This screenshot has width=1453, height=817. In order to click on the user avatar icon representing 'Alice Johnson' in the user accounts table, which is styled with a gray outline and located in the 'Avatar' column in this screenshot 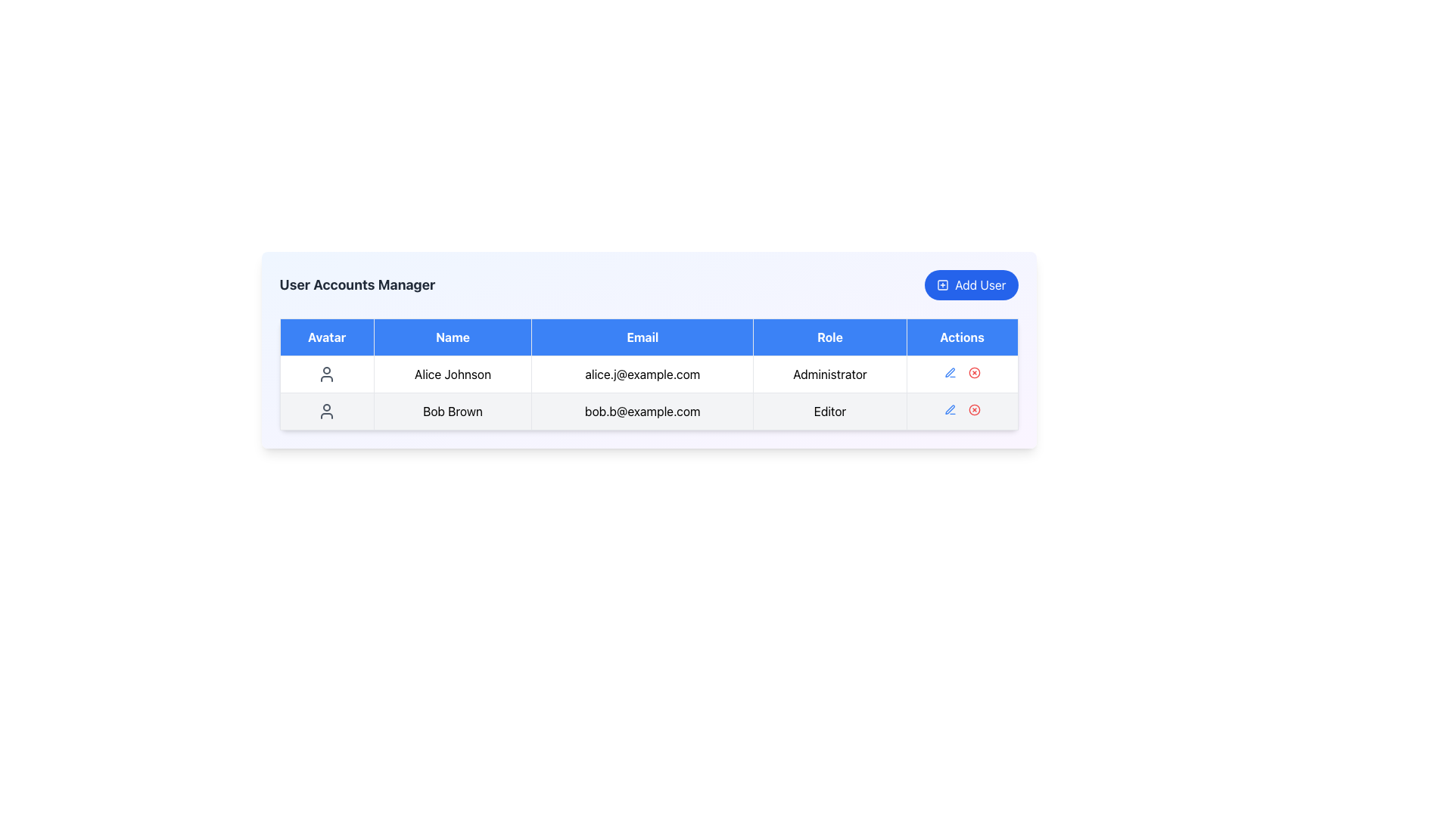, I will do `click(326, 374)`.